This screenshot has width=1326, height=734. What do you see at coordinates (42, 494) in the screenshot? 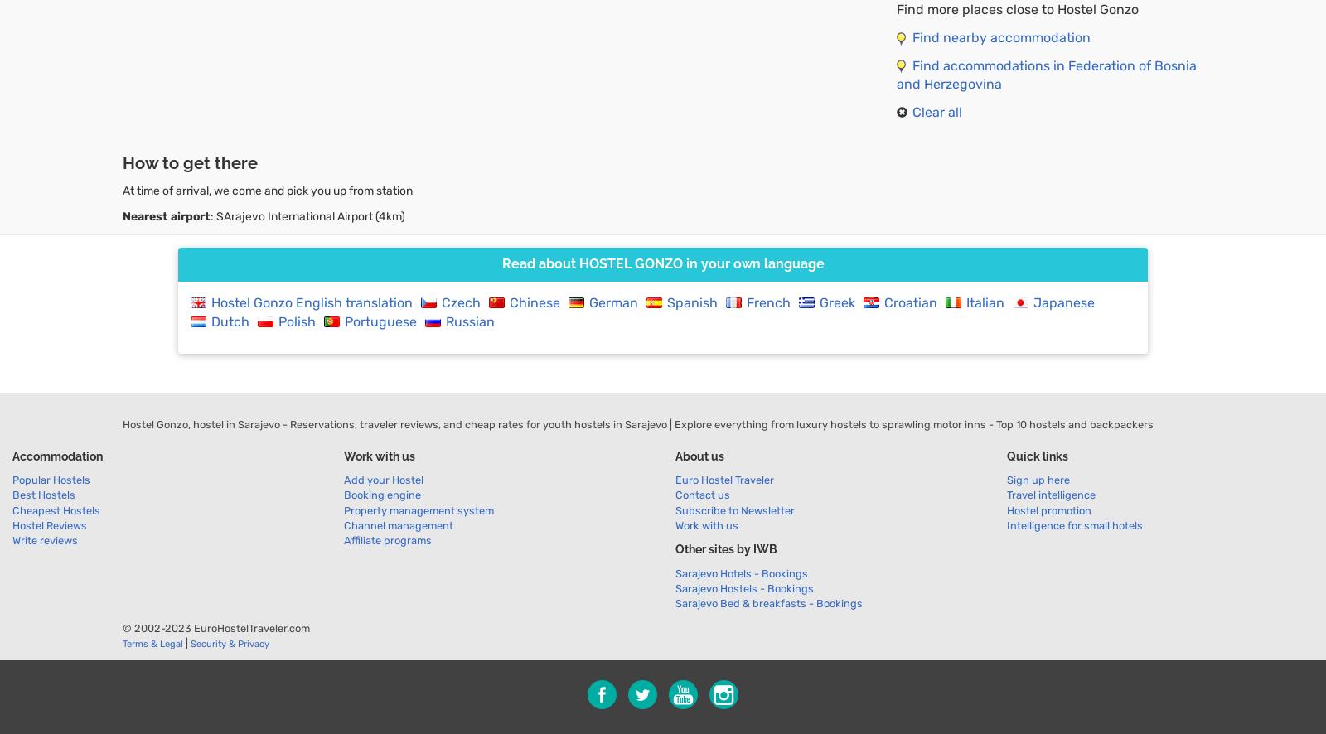
I see `'Best Hostels'` at bounding box center [42, 494].